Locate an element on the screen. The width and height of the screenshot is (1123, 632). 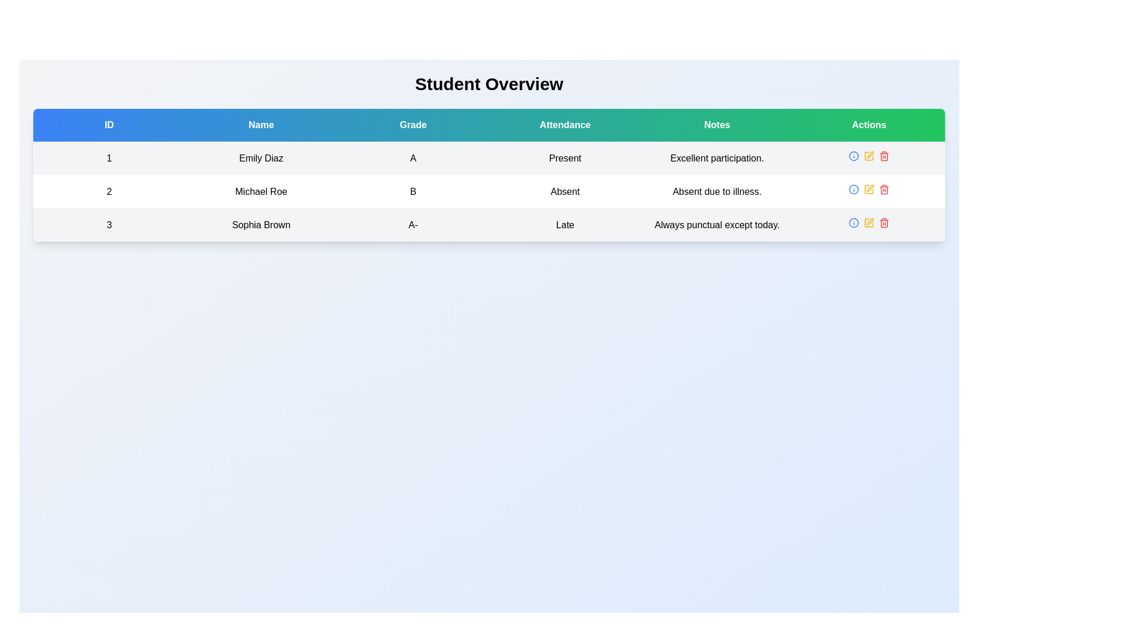
assistive technology is located at coordinates (489, 83).